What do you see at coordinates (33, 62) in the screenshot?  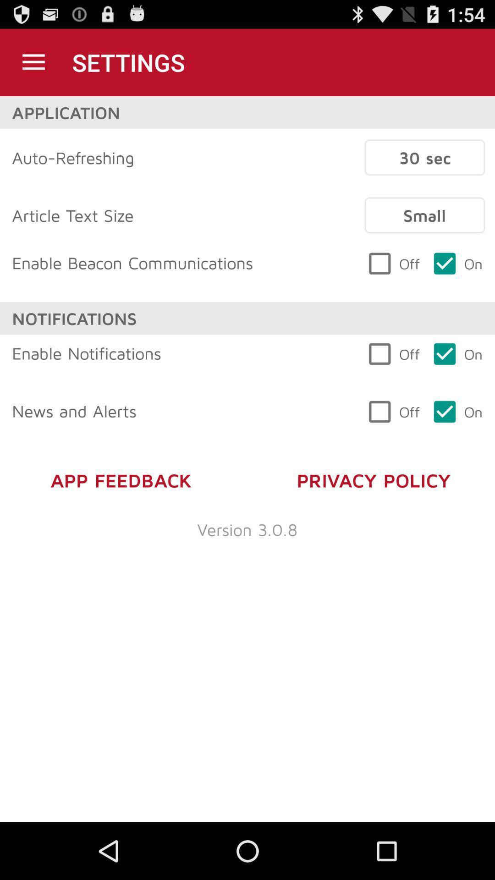 I see `the item above application` at bounding box center [33, 62].